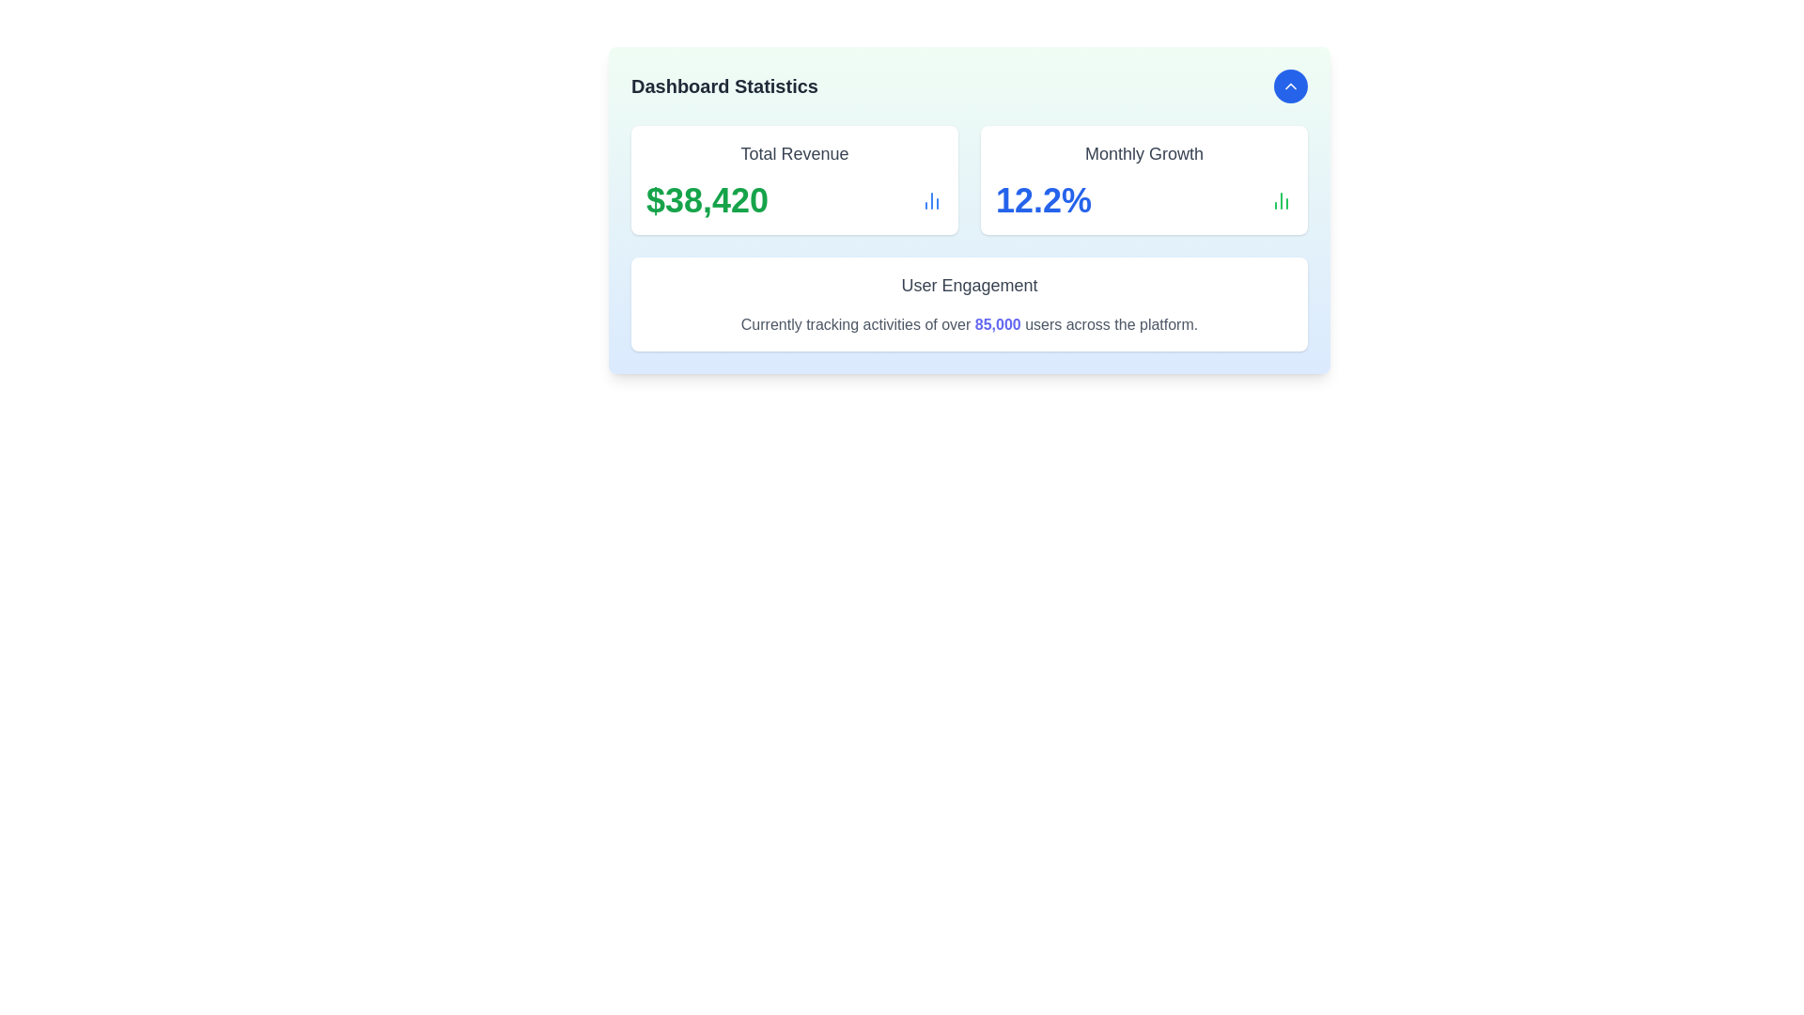  What do you see at coordinates (1280, 200) in the screenshot?
I see `the small green bar chart icon located immediately to the right of the '12.2%' text in the 'Monthly Growth' section` at bounding box center [1280, 200].